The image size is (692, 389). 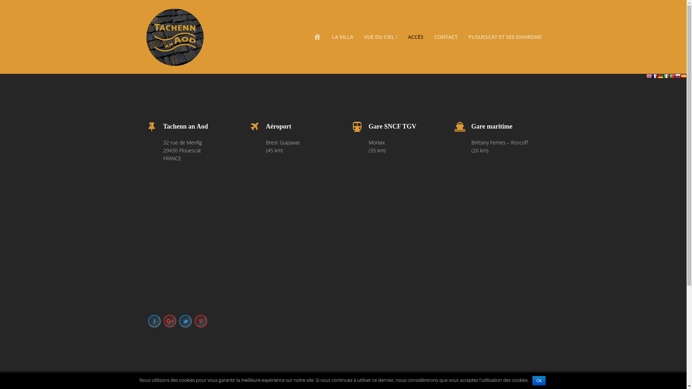 What do you see at coordinates (154, 321) in the screenshot?
I see `'Facebook'` at bounding box center [154, 321].